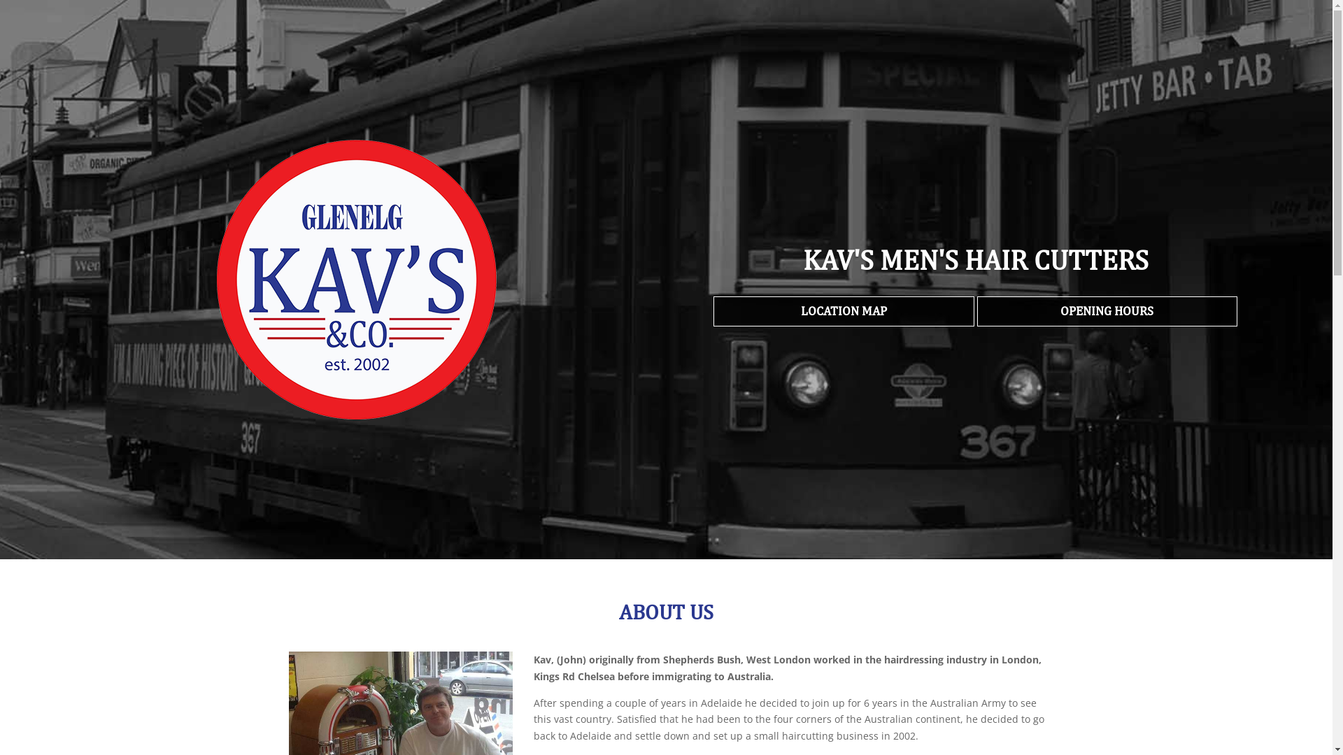  What do you see at coordinates (1107, 310) in the screenshot?
I see `'OPENING HOURS'` at bounding box center [1107, 310].